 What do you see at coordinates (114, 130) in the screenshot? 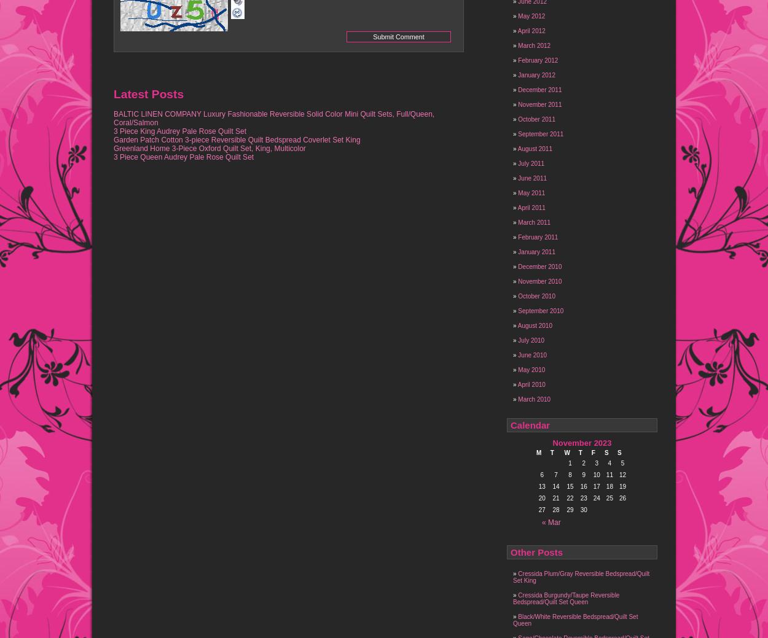
I see `'3 Piece King Audrey Pale Rose Quilt Set'` at bounding box center [114, 130].